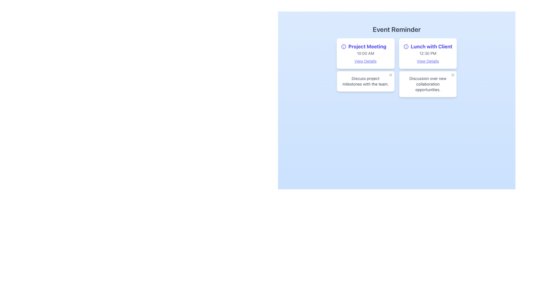 The image size is (537, 302). Describe the element at coordinates (453, 74) in the screenshot. I see `the cross-shaped icon button located at the top-right corner of the card in the second row, second column of the 2x2 grid` at that location.